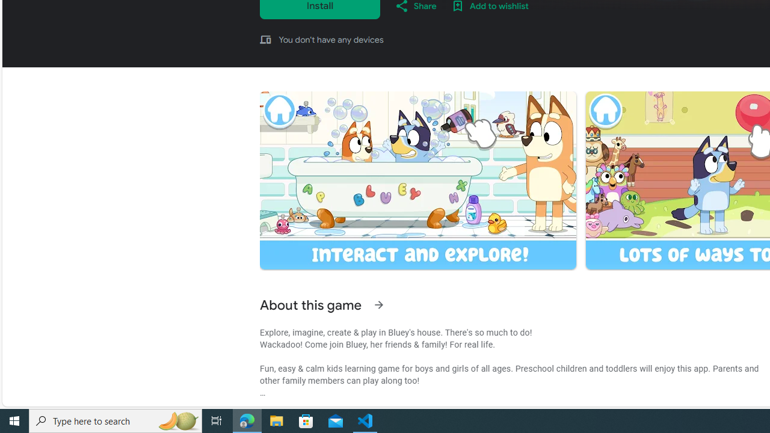 This screenshot has height=433, width=770. What do you see at coordinates (331, 38) in the screenshot?
I see `'You don'` at bounding box center [331, 38].